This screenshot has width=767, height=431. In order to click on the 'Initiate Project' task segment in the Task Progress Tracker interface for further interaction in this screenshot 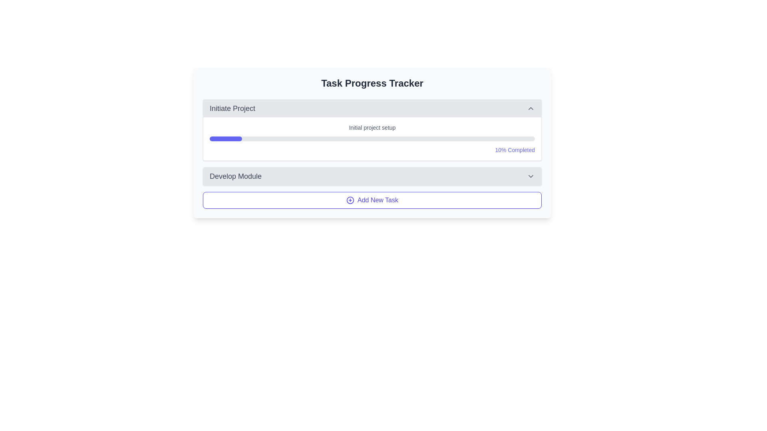, I will do `click(372, 142)`.